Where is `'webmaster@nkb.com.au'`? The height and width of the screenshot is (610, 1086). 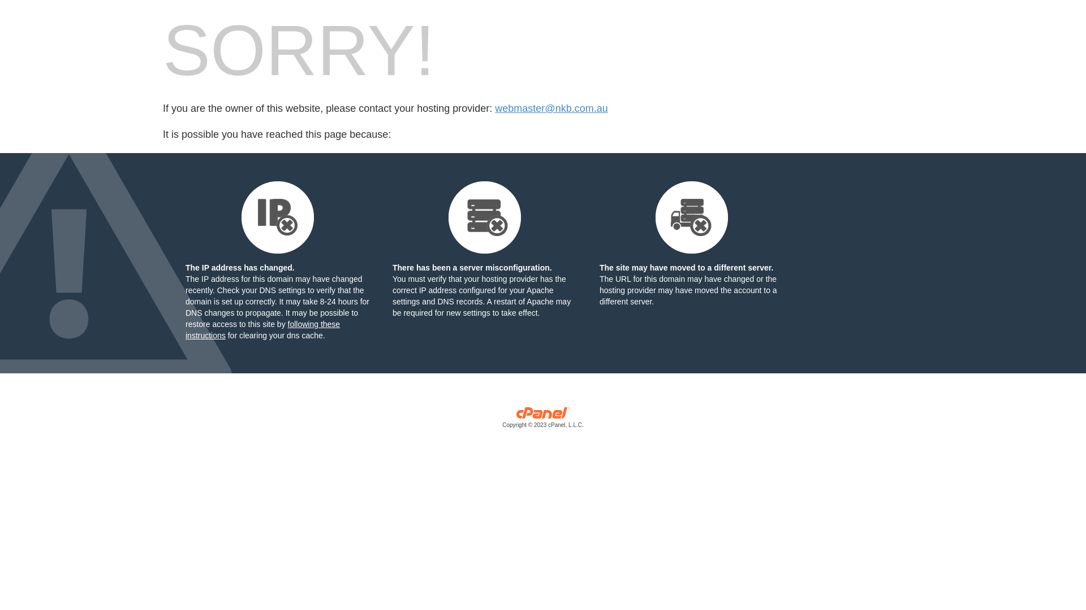 'webmaster@nkb.com.au' is located at coordinates (494, 108).